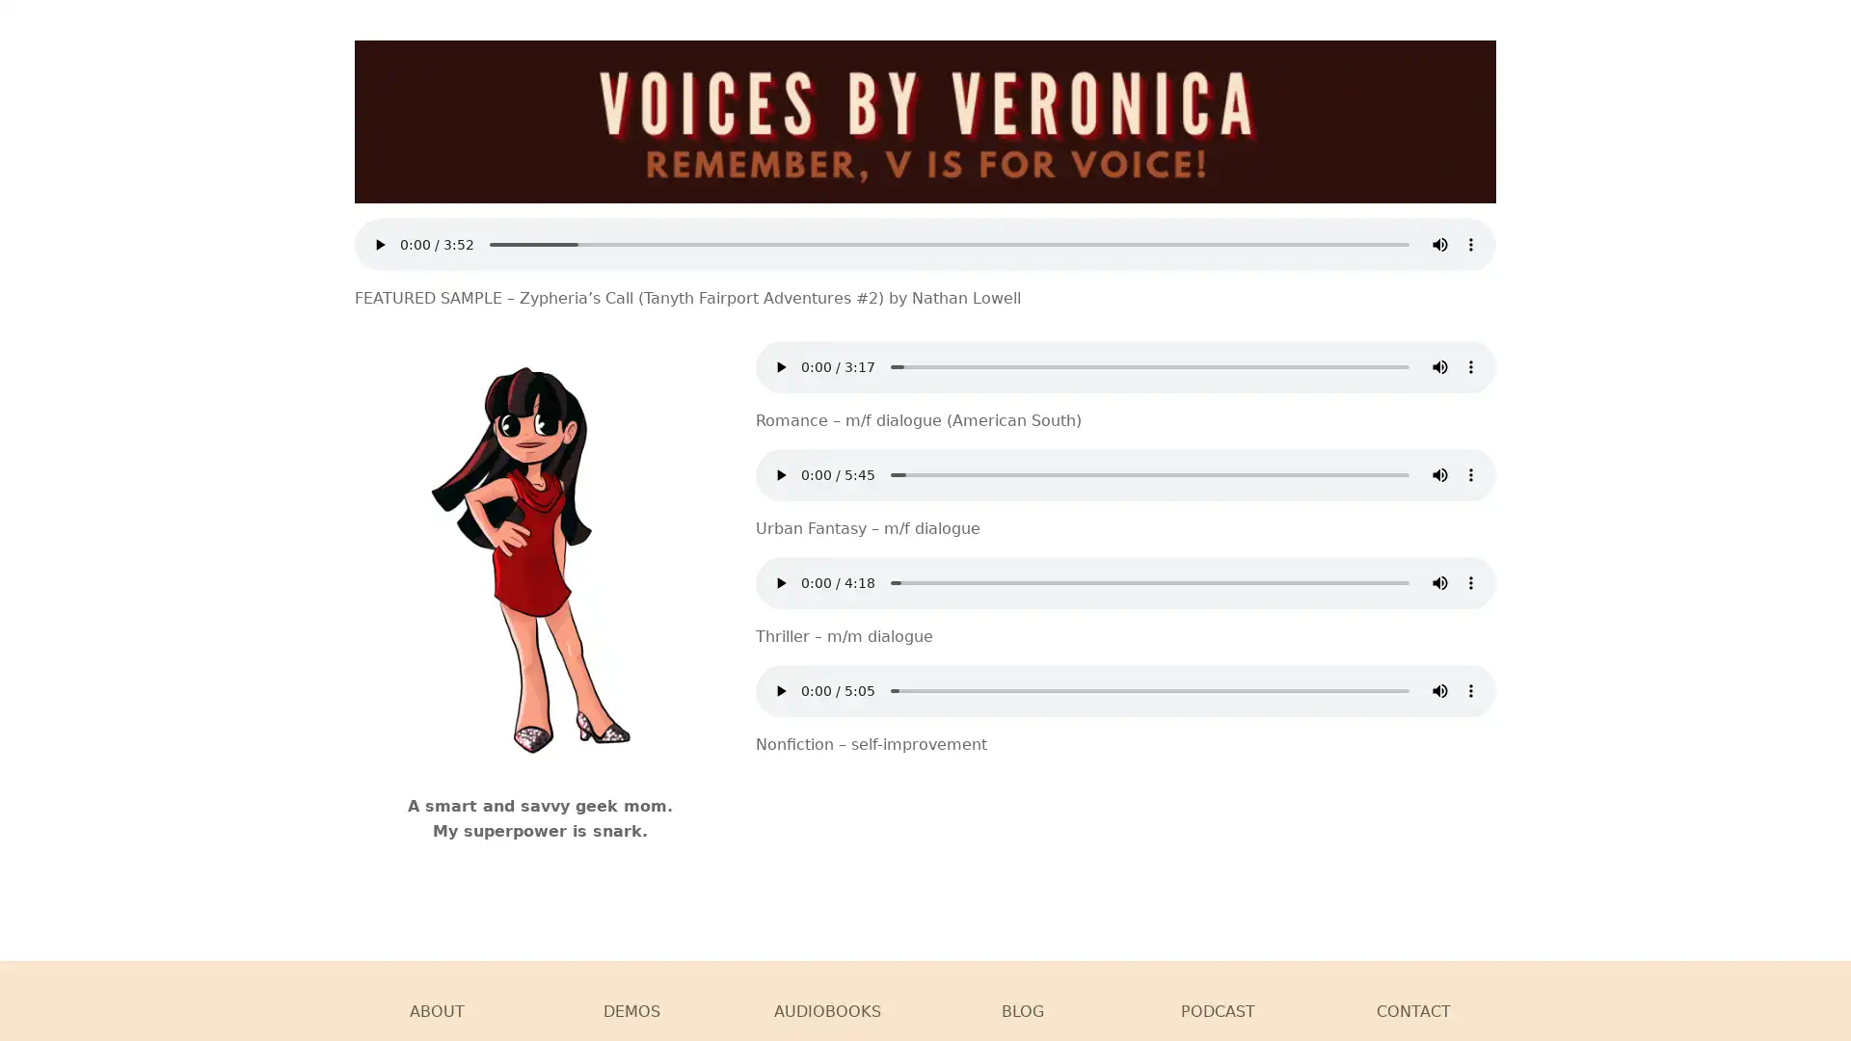  I want to click on mute, so click(1439, 475).